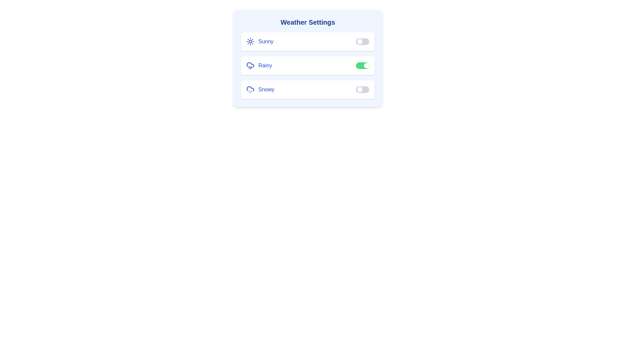 Image resolution: width=641 pixels, height=360 pixels. What do you see at coordinates (366, 65) in the screenshot?
I see `the toggle indicator located at the right end of the green toggle track in the 'Weather Settings' section, which is associated with the 'Rainy' option` at bounding box center [366, 65].